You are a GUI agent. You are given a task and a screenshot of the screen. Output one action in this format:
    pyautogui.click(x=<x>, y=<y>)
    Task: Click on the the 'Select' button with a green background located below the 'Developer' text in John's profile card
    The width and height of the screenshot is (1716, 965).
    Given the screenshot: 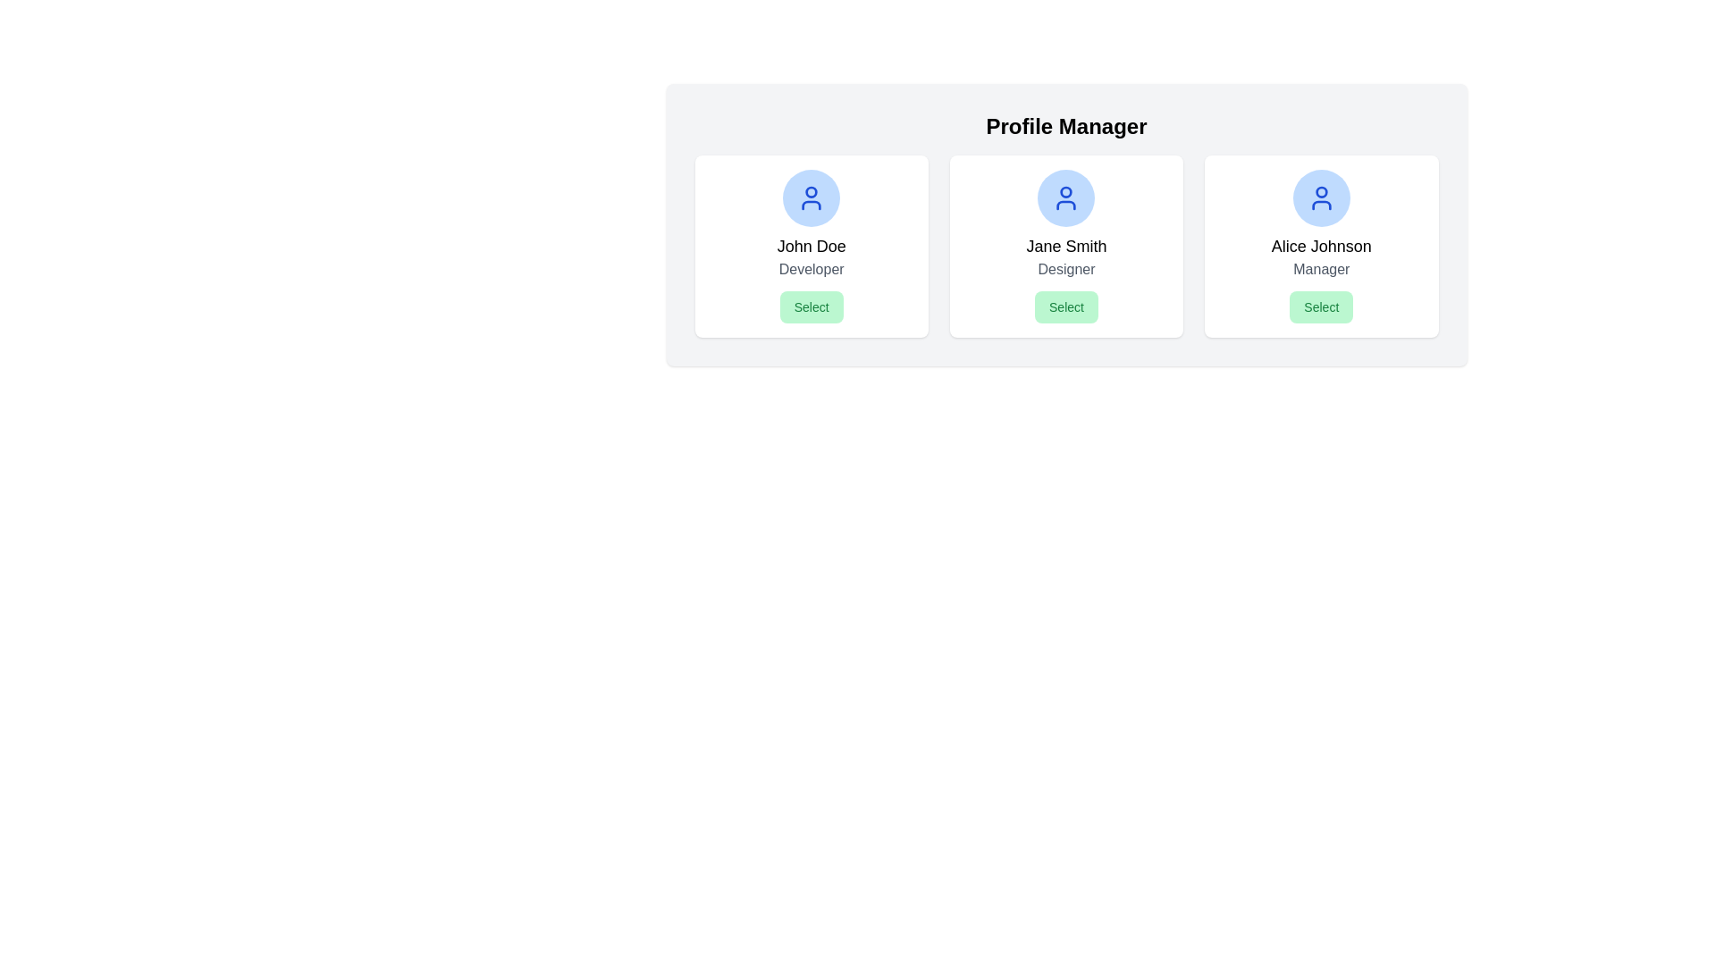 What is the action you would take?
    pyautogui.click(x=811, y=306)
    